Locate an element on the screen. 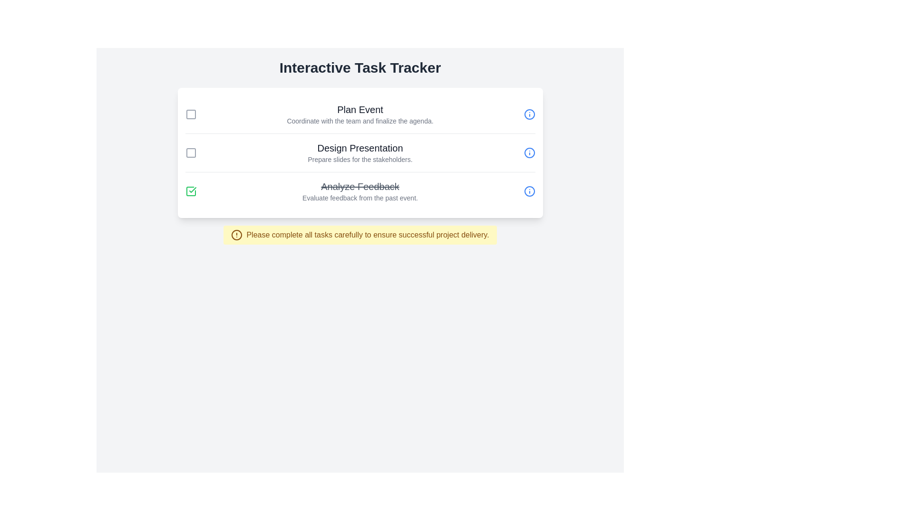 The image size is (913, 513). the warning message to acknowledge it is located at coordinates (359, 235).